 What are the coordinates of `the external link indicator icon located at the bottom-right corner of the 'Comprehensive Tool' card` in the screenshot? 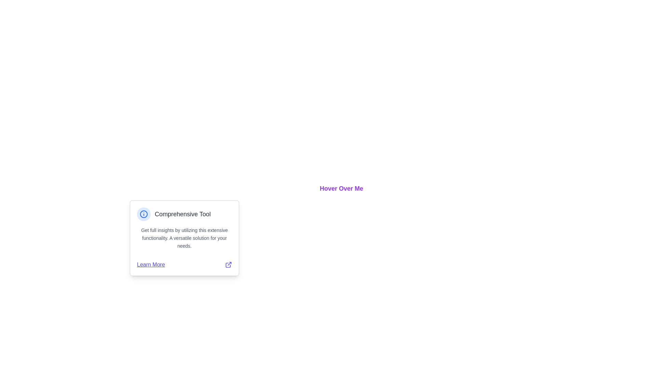 It's located at (228, 264).